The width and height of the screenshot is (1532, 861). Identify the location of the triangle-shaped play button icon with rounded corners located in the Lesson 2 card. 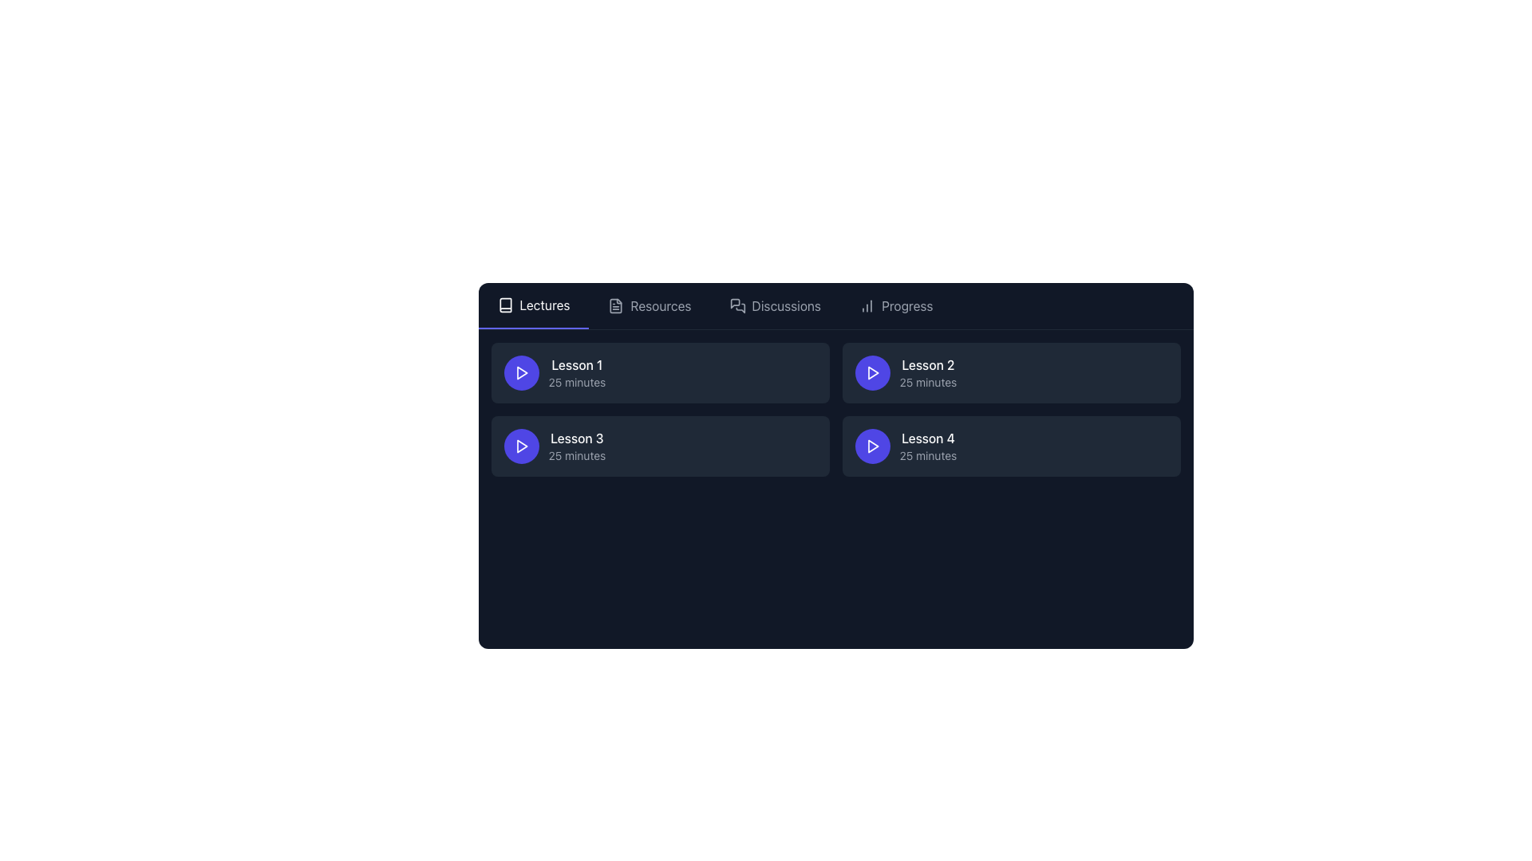
(872, 372).